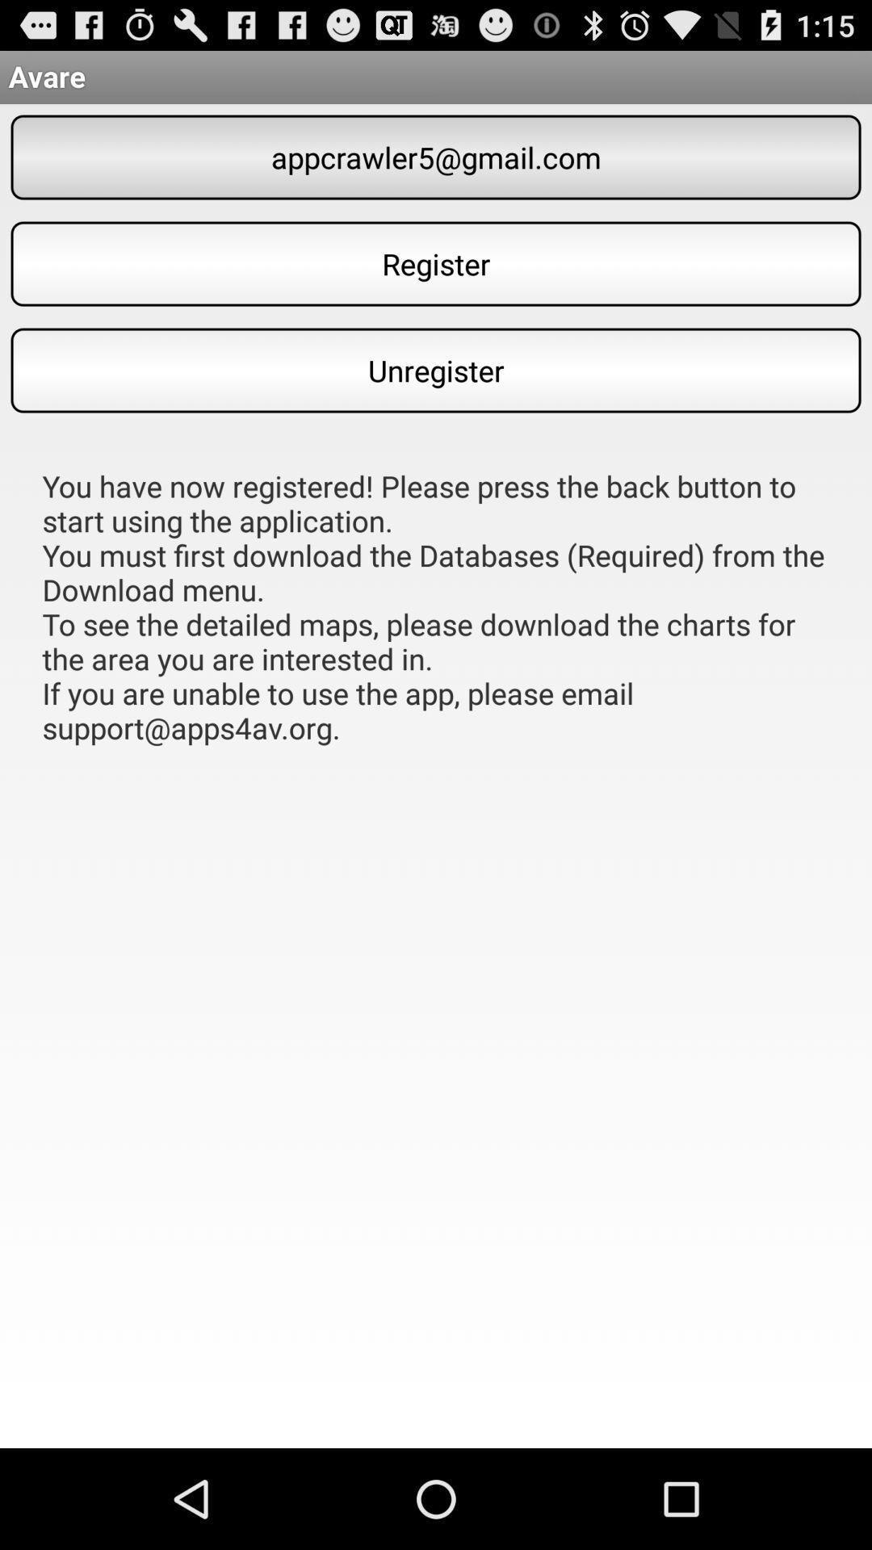 This screenshot has height=1550, width=872. What do you see at coordinates (436, 263) in the screenshot?
I see `item above the unregister` at bounding box center [436, 263].